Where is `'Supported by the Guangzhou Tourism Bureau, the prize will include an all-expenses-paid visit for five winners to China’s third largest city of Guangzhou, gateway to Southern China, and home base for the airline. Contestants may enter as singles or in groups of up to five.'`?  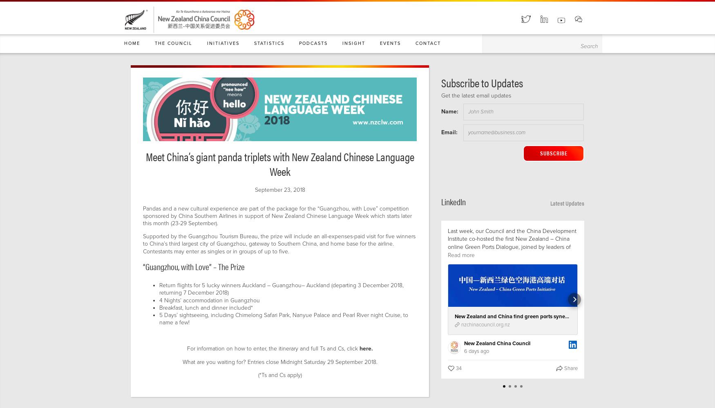
'Supported by the Guangzhou Tourism Bureau, the prize will include an all-expenses-paid visit for five winners to China’s third largest city of Guangzhou, gateway to Southern China, and home base for the airline. Contestants may enter as singles or in groups of up to five.' is located at coordinates (279, 243).